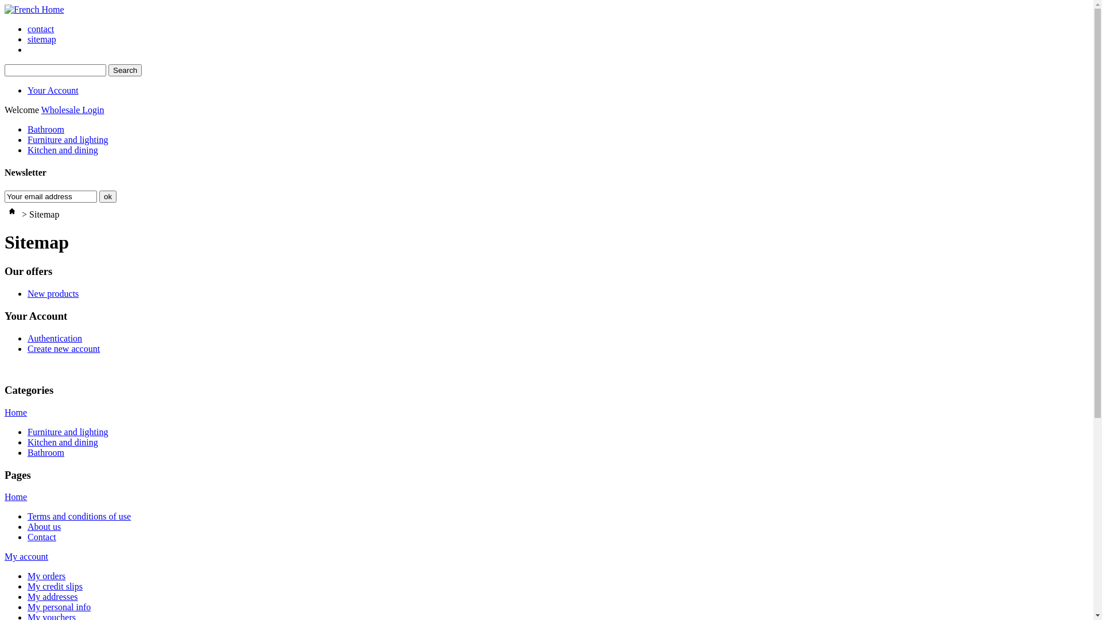 The width and height of the screenshot is (1102, 620). What do you see at coordinates (125, 70) in the screenshot?
I see `'Search'` at bounding box center [125, 70].